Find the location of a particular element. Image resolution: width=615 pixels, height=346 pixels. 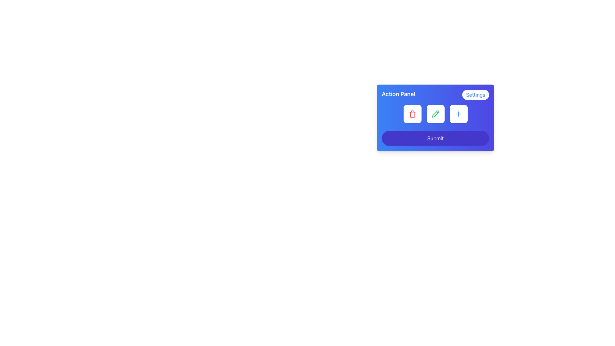

the 'Edit' icon button located in the center of the 'Action Panel' is located at coordinates (435, 113).